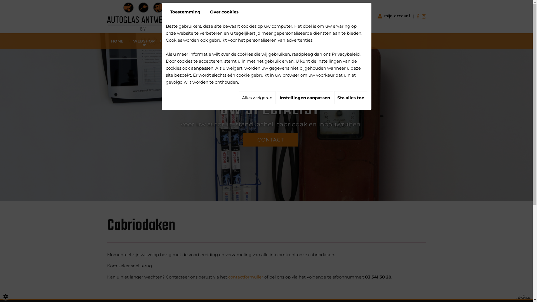 This screenshot has height=302, width=537. Describe the element at coordinates (1, 296) in the screenshot. I see `'Cookie-instelling bewerken'` at that location.